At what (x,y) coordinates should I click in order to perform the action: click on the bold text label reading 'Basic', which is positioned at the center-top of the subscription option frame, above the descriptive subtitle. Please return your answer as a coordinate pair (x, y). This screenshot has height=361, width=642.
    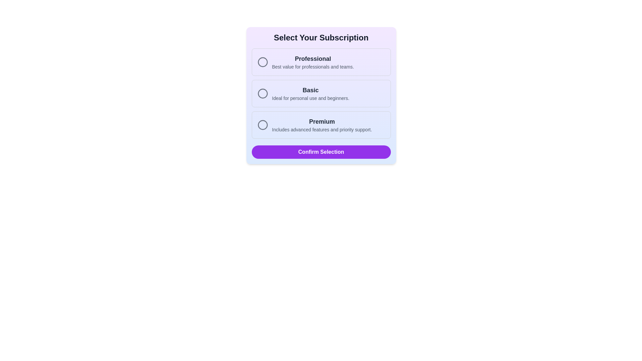
    Looking at the image, I should click on (310, 90).